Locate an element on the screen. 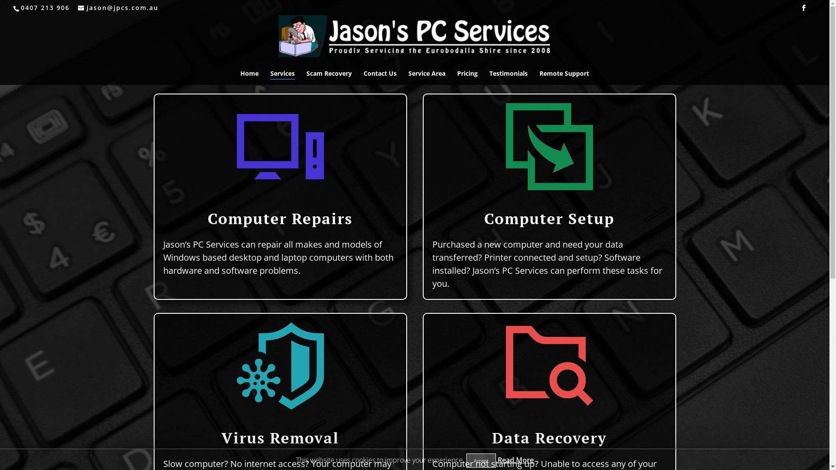 The width and height of the screenshot is (836, 470). 'Remote Support' is located at coordinates (564, 77).